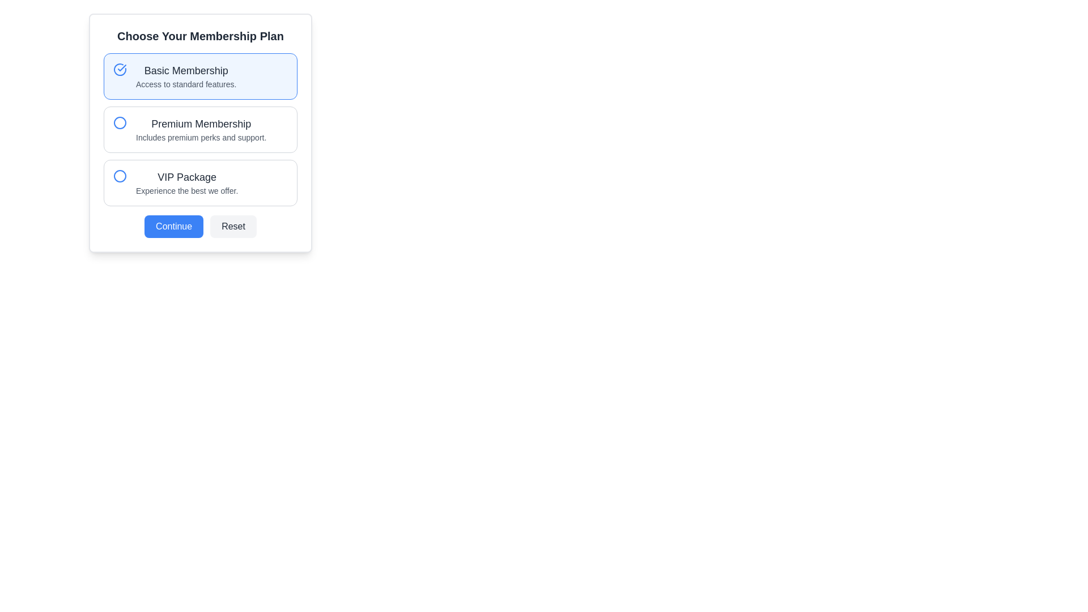 This screenshot has width=1088, height=612. What do you see at coordinates (201, 76) in the screenshot?
I see `the 'Basic Membership' option card, which is the first card in the vertical stack of membership plans under the 'Choose Your Membership Plan' section` at bounding box center [201, 76].